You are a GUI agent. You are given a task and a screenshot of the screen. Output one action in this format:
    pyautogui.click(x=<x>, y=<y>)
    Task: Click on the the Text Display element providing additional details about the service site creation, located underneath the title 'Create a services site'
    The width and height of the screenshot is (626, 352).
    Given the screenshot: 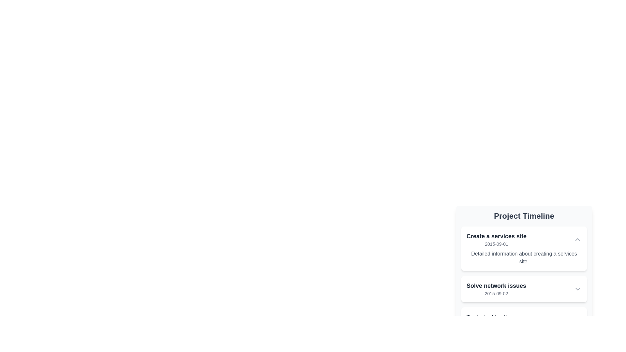 What is the action you would take?
    pyautogui.click(x=524, y=257)
    